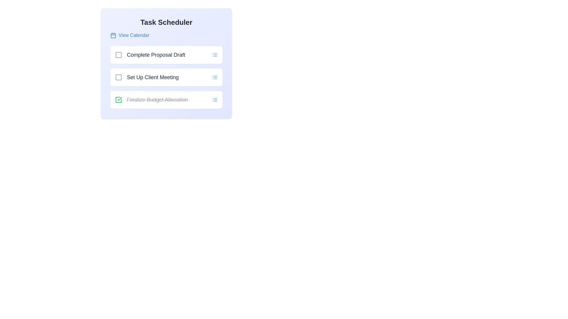 The image size is (568, 319). What do you see at coordinates (118, 77) in the screenshot?
I see `the task named Set Up Client Meeting` at bounding box center [118, 77].